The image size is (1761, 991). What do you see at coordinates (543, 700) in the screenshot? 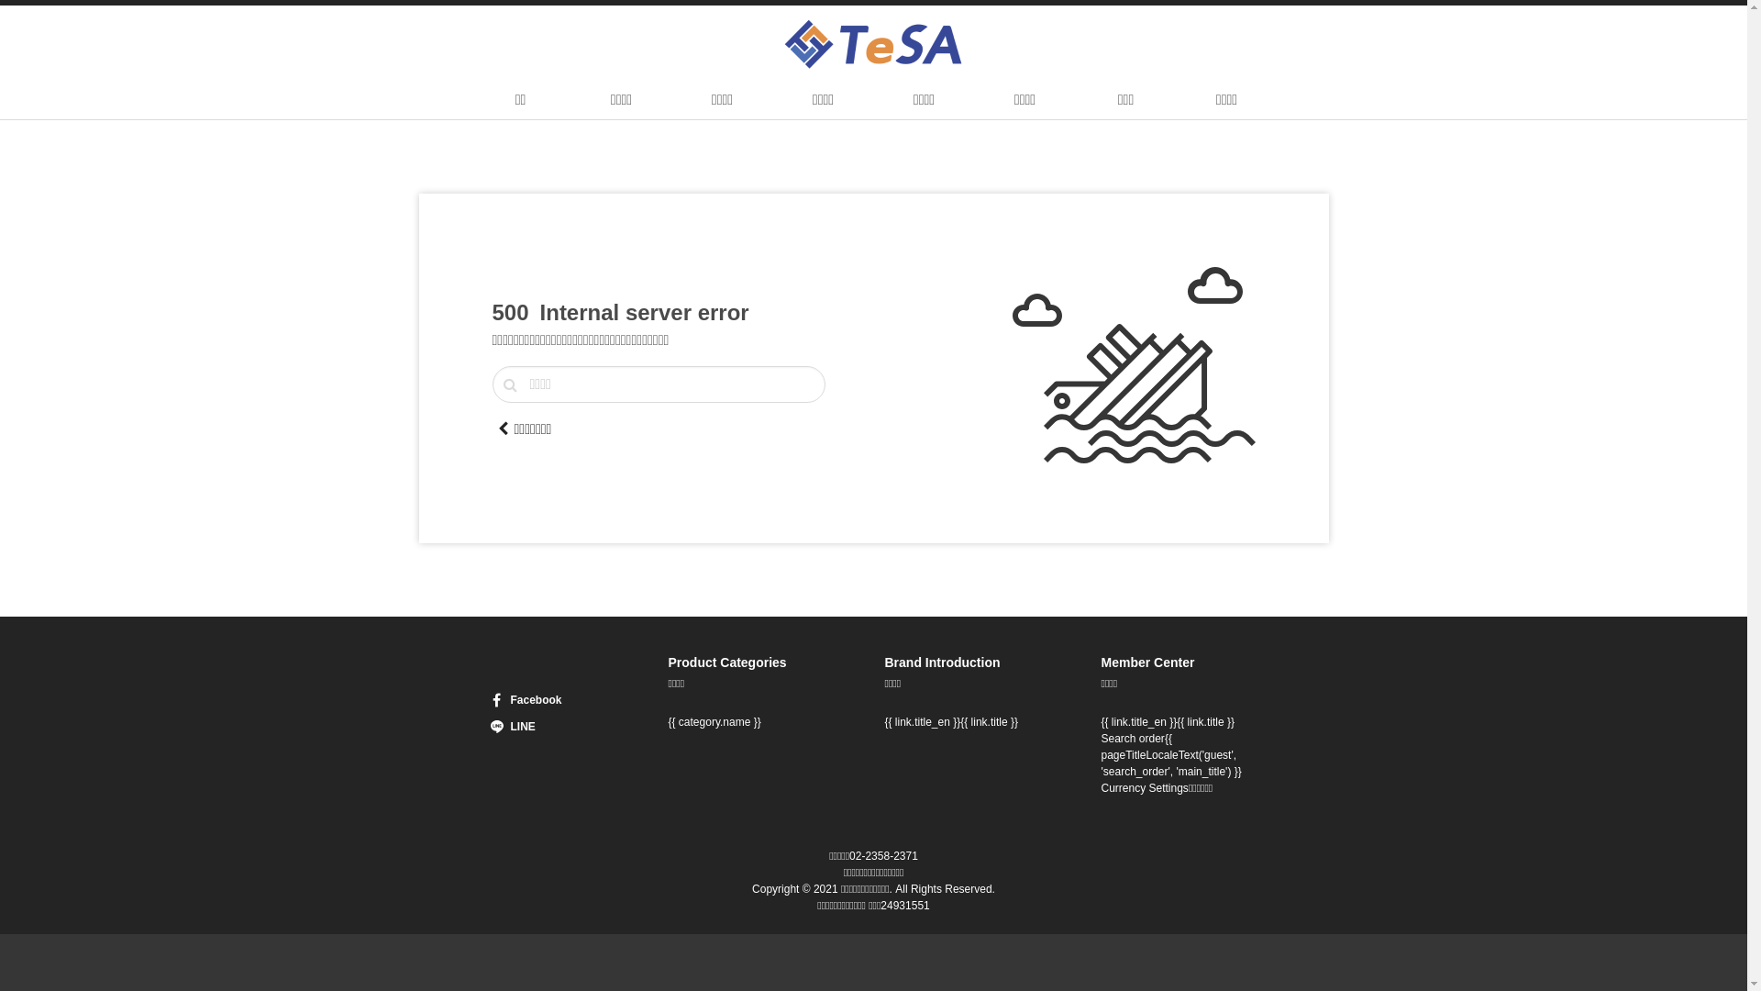
I see `'Facebook'` at bounding box center [543, 700].